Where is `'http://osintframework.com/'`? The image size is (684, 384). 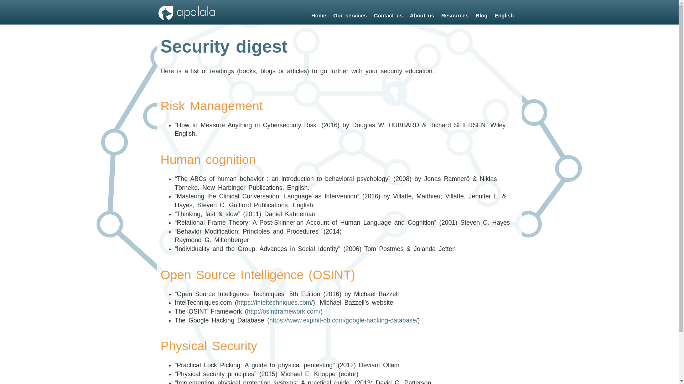 'http://osintframework.com/' is located at coordinates (283, 311).